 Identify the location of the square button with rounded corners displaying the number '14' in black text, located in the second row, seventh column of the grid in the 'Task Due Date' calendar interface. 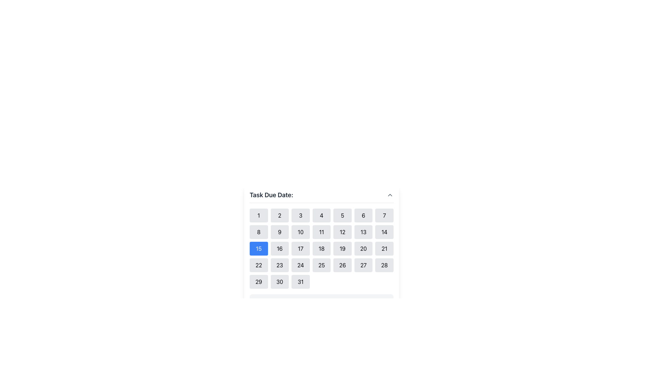
(384, 232).